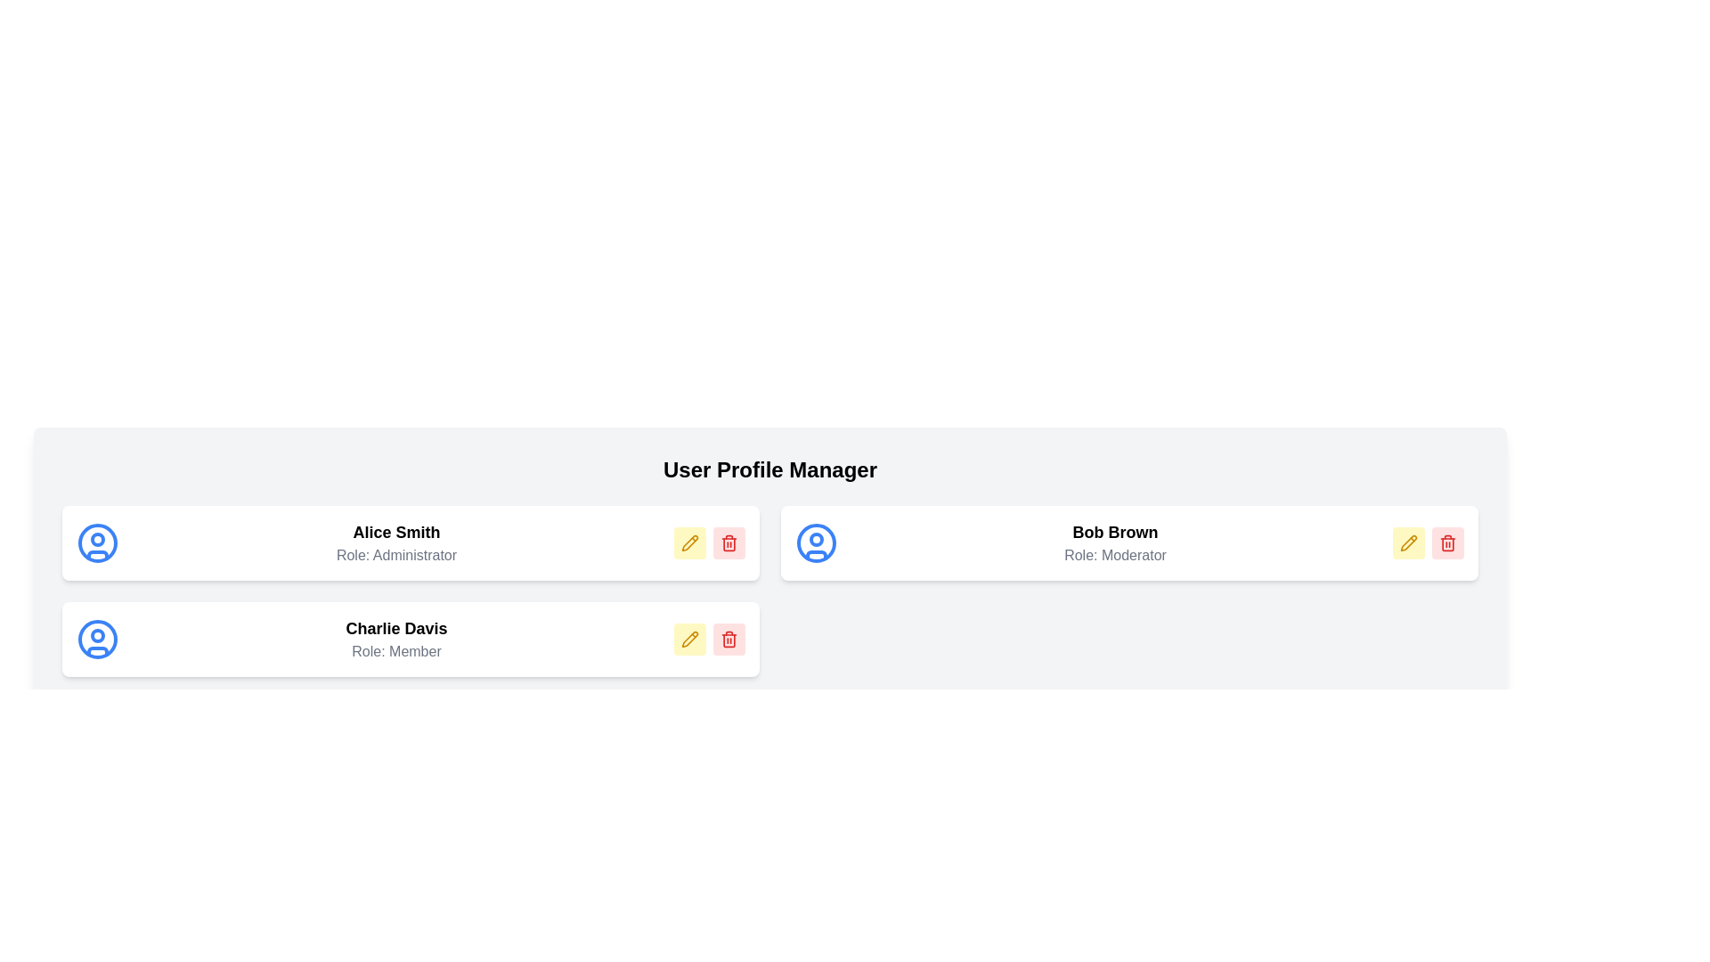  I want to click on the static text label displaying the role of 'Charlie Davis', located below the larger name text in the central card of the second row in the user profile grid, so click(395, 652).